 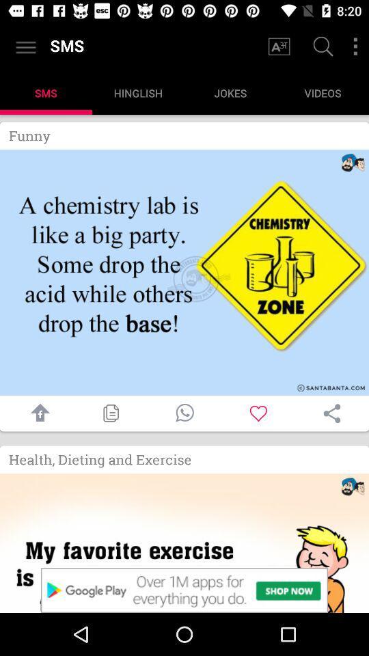 I want to click on advertisements, so click(x=184, y=590).